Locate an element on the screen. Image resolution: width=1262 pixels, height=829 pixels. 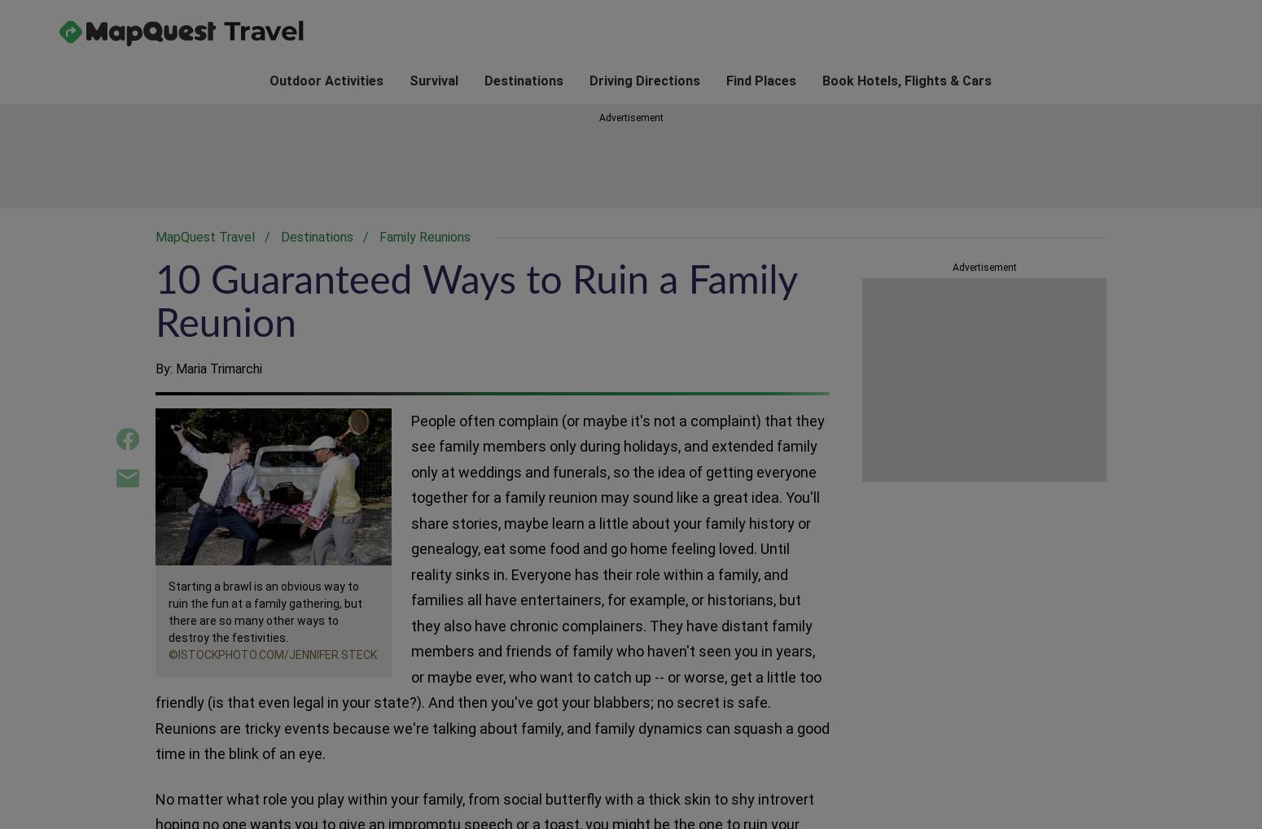
'©iStockphoto.com/Jennifer Steck' is located at coordinates (271, 653).